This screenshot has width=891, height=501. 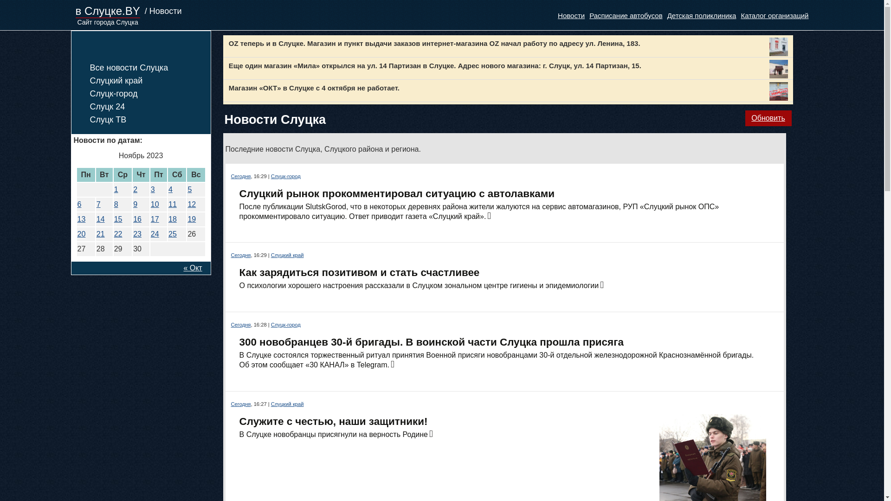 What do you see at coordinates (137, 219) in the screenshot?
I see `'16'` at bounding box center [137, 219].